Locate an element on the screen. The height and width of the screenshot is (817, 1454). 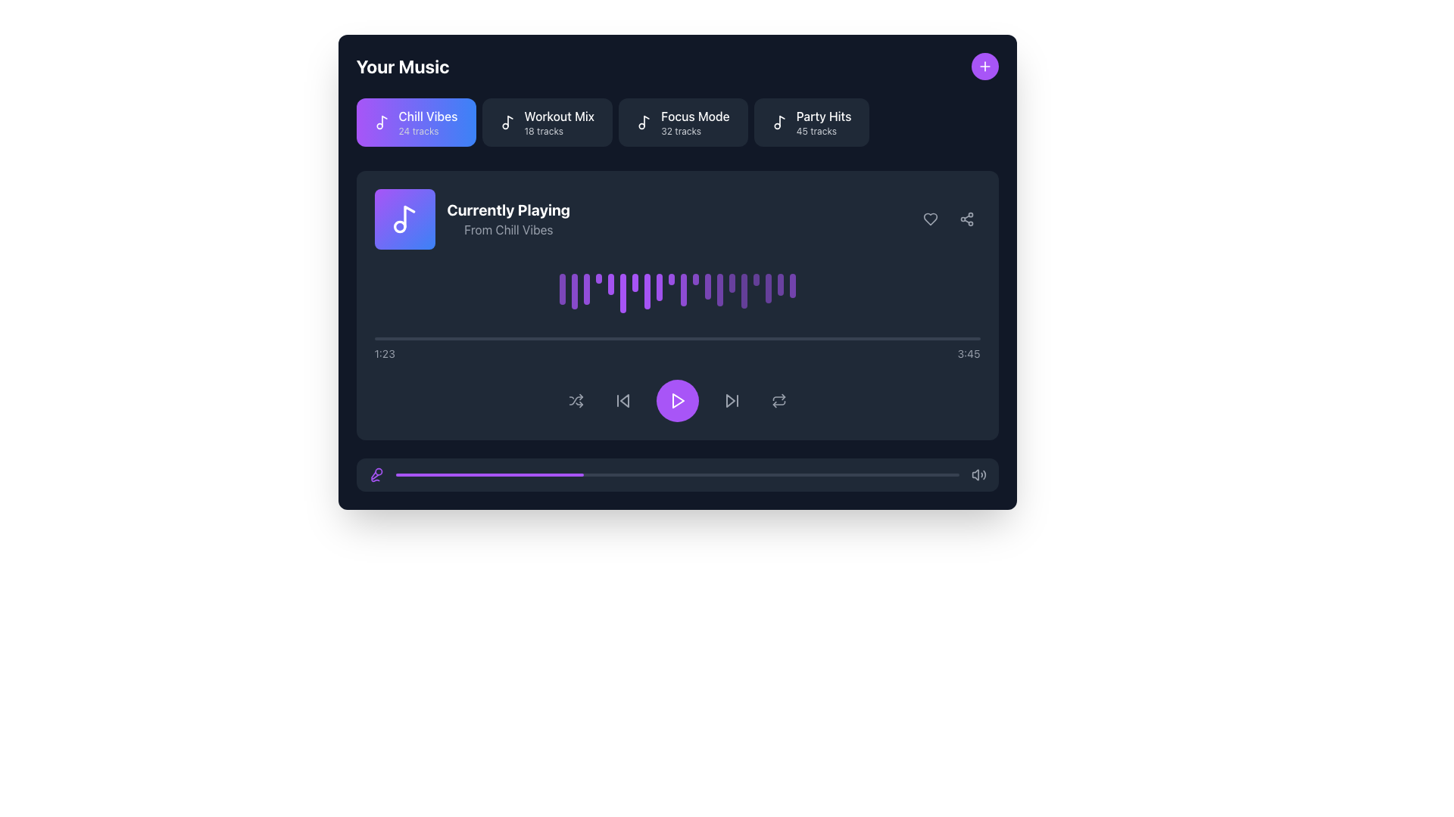
the rounded rectangular button labeled 'Chill Vibes' with a music note icon is located at coordinates (416, 122).